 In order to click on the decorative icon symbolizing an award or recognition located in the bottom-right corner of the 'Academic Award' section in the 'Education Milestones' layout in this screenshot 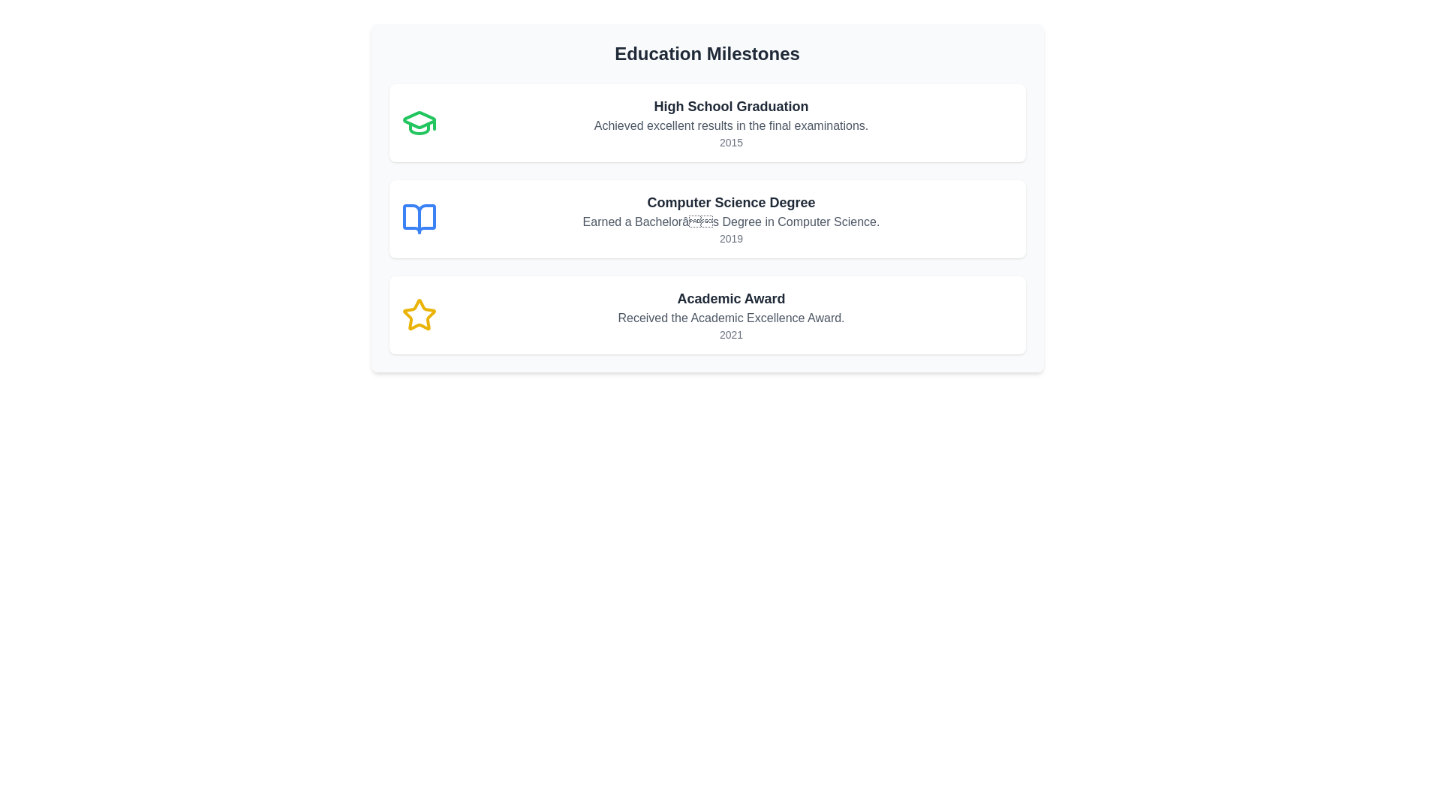, I will do `click(419, 314)`.